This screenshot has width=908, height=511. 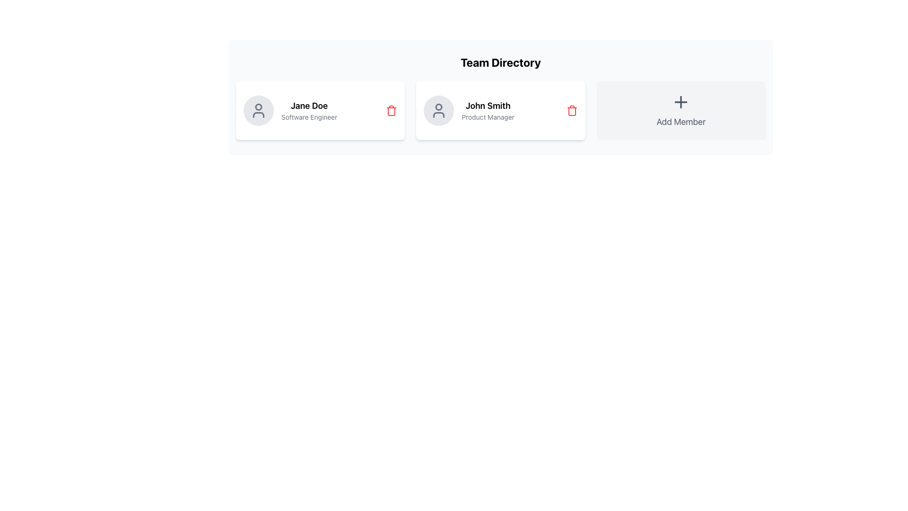 I want to click on the profile image placeholder for user 'John Smith' located in the card section titled 'John Smith - Product Manager', so click(x=438, y=110).